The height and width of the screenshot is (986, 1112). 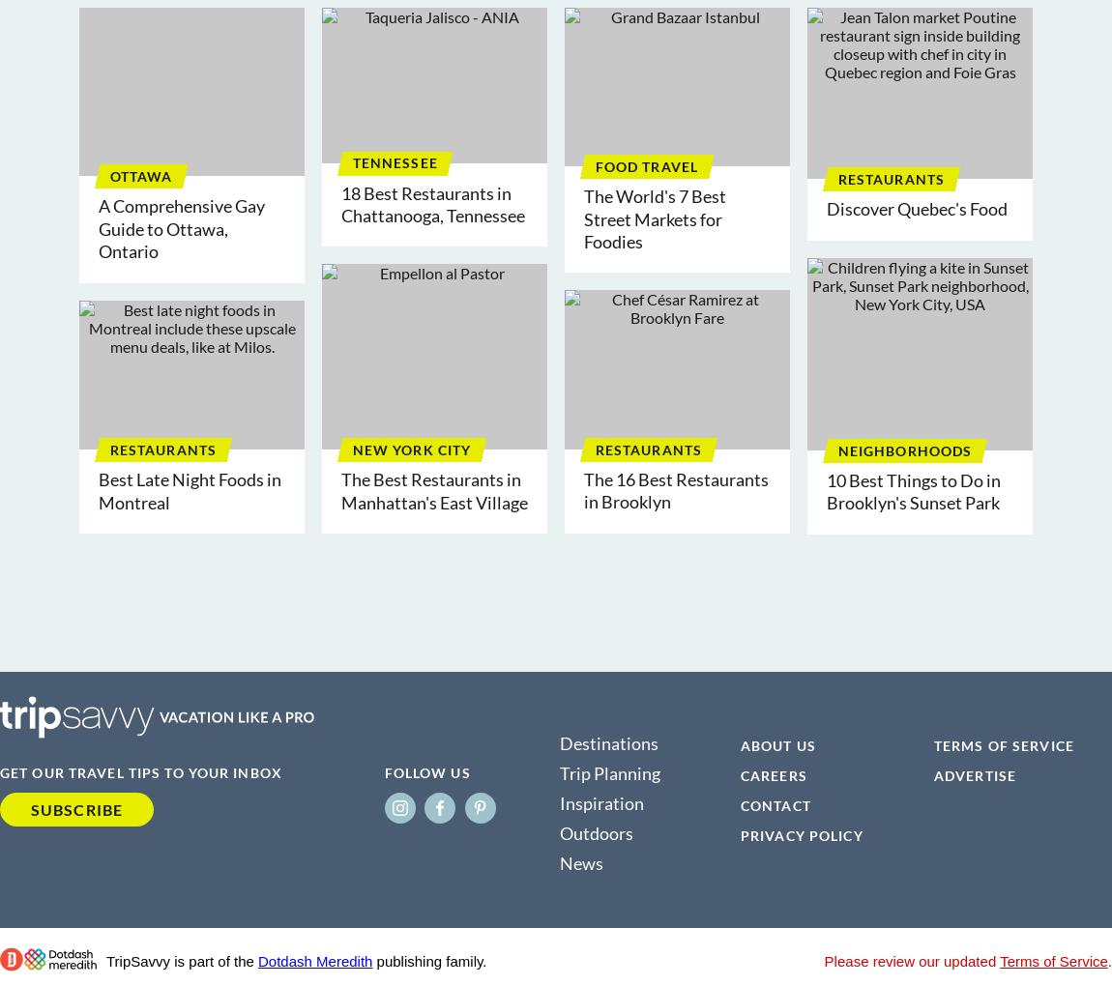 What do you see at coordinates (139, 770) in the screenshot?
I see `'Get Our Travel Tips to Your Inbox'` at bounding box center [139, 770].